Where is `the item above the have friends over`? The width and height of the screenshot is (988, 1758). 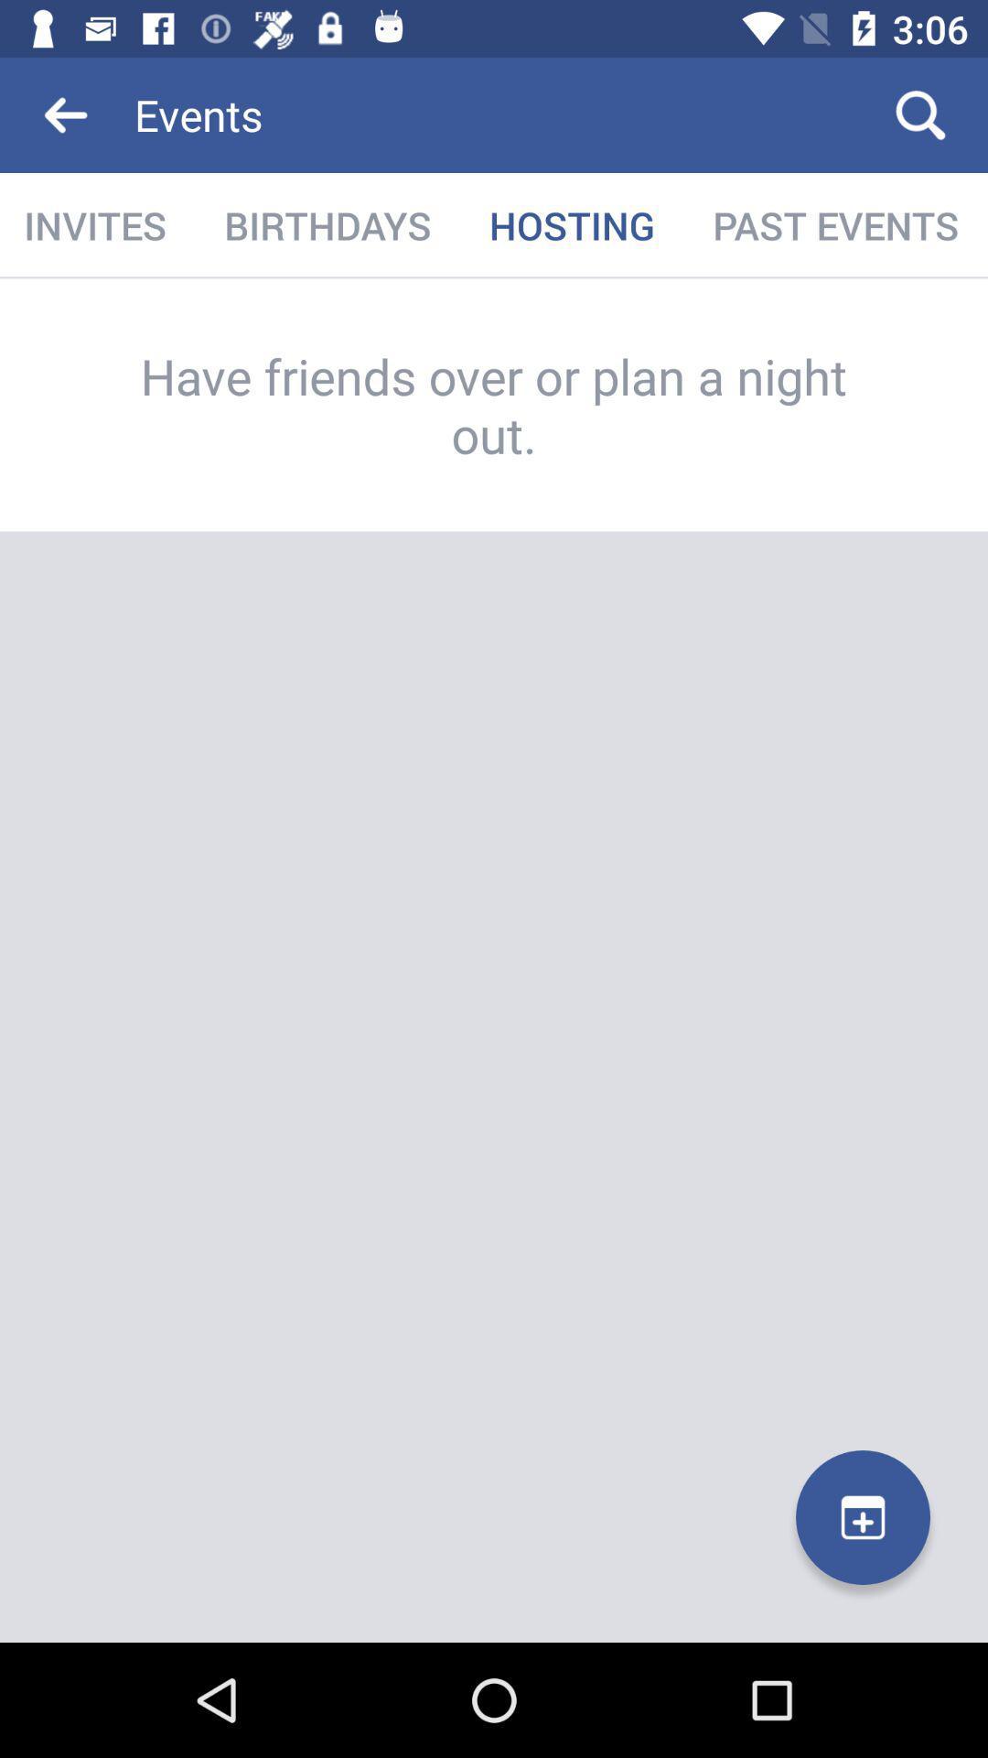
the item above the have friends over is located at coordinates (97, 224).